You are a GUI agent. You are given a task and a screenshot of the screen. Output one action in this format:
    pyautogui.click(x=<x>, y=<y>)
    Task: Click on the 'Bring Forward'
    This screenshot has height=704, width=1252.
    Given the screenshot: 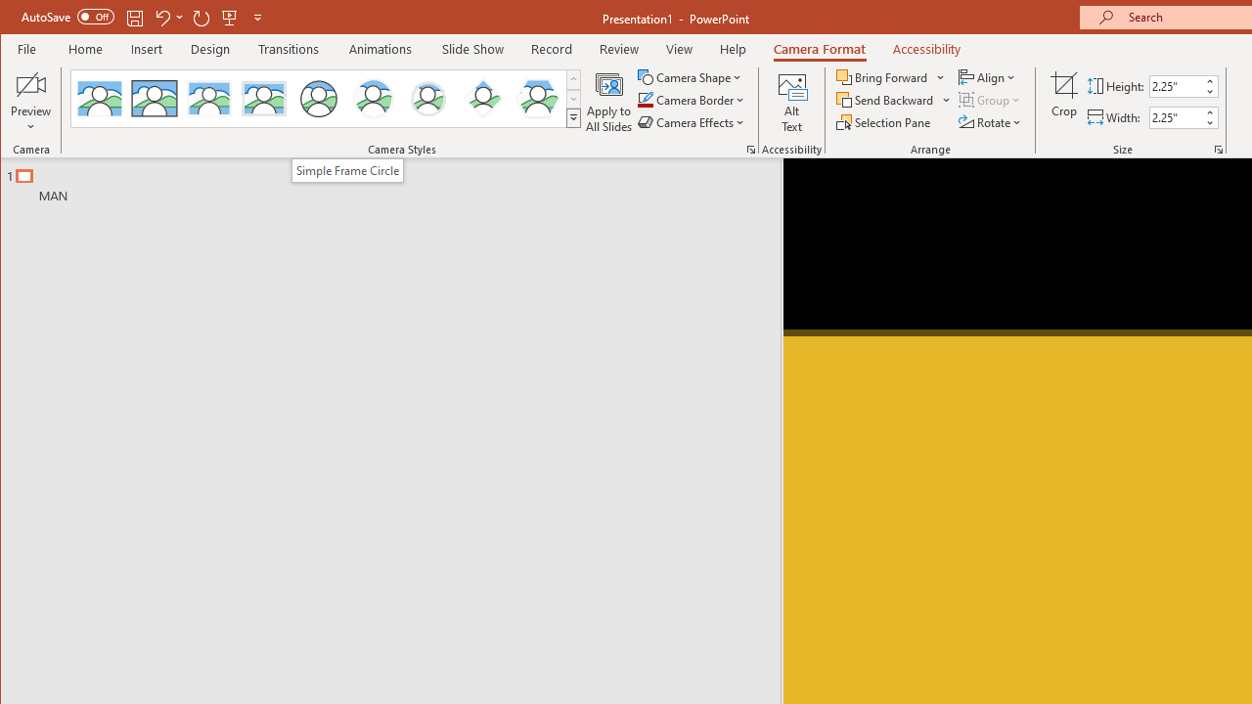 What is the action you would take?
    pyautogui.click(x=882, y=76)
    